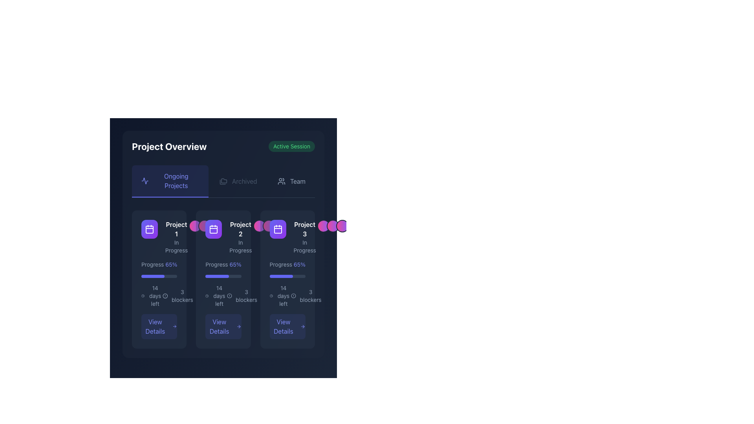 The image size is (754, 424). I want to click on the Text label element displaying 'Progress' and '65%' in the 'Project 3' block within the 'Project Overview' section, so click(287, 265).